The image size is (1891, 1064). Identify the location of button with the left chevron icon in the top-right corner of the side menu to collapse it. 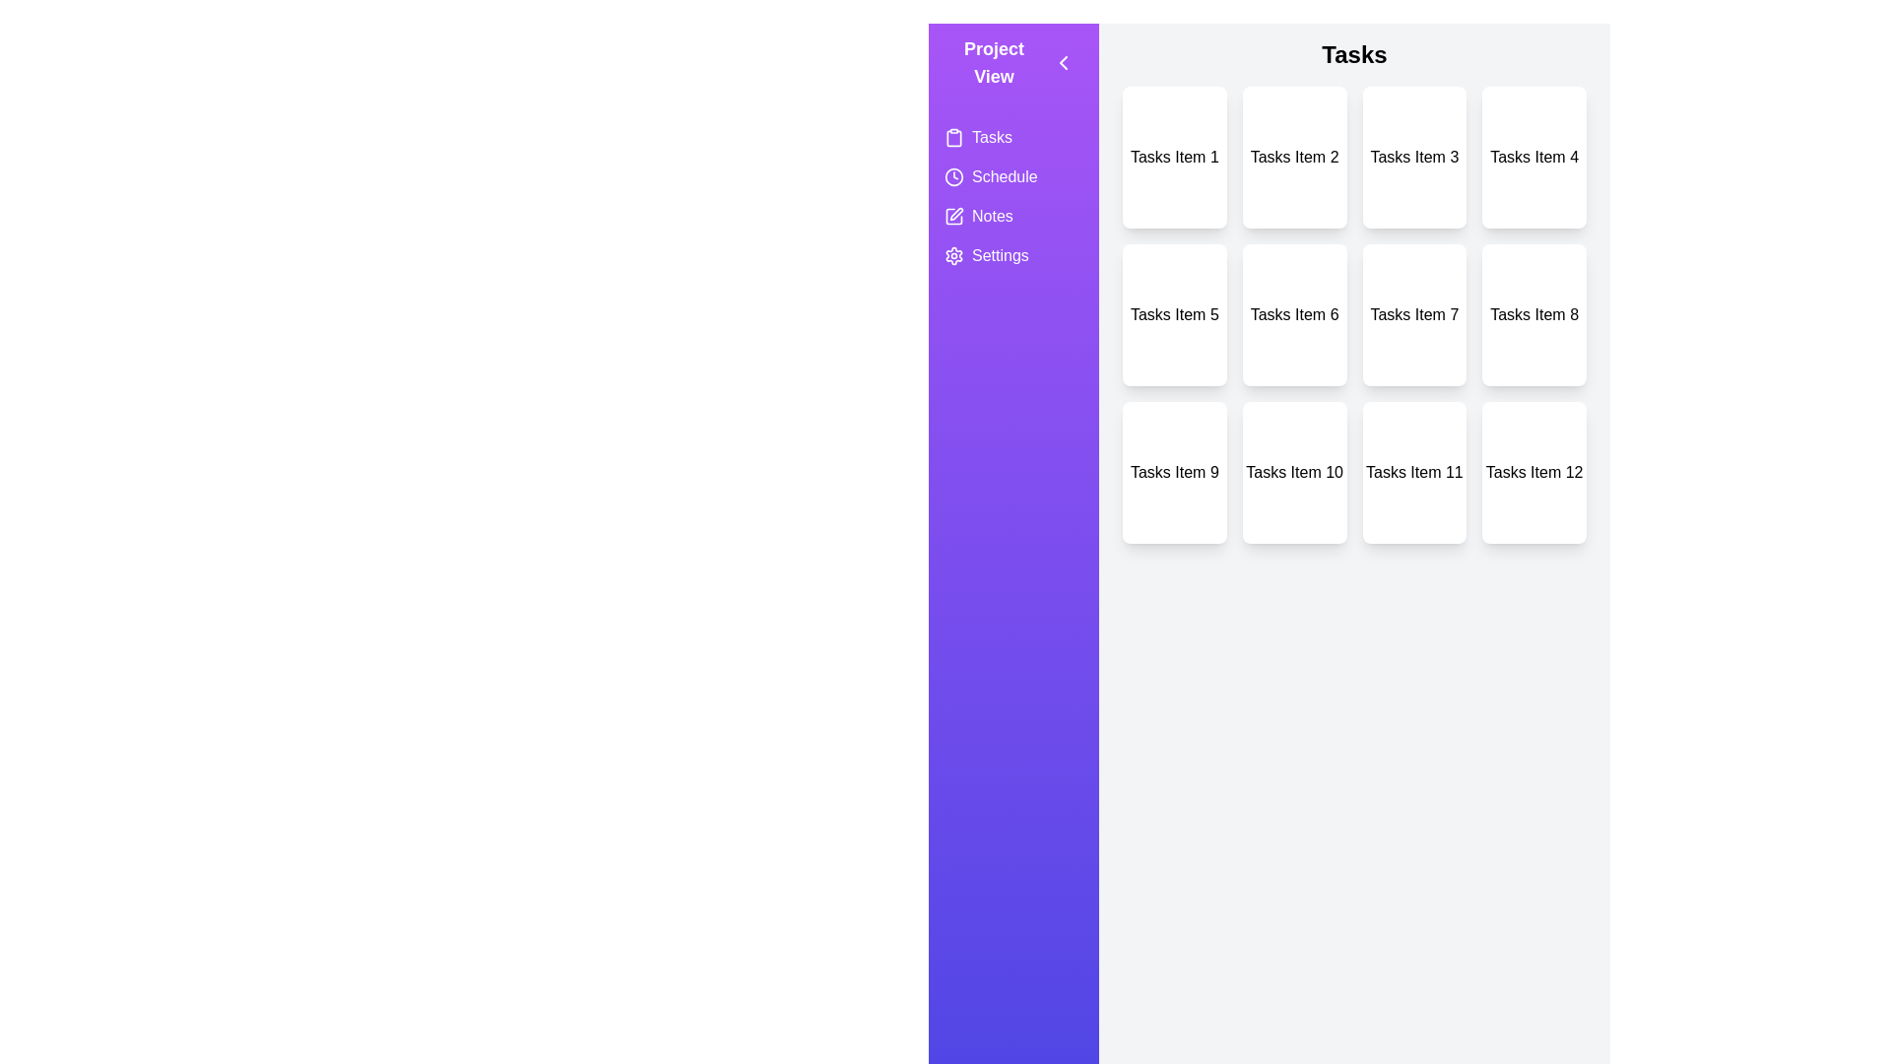
(1063, 62).